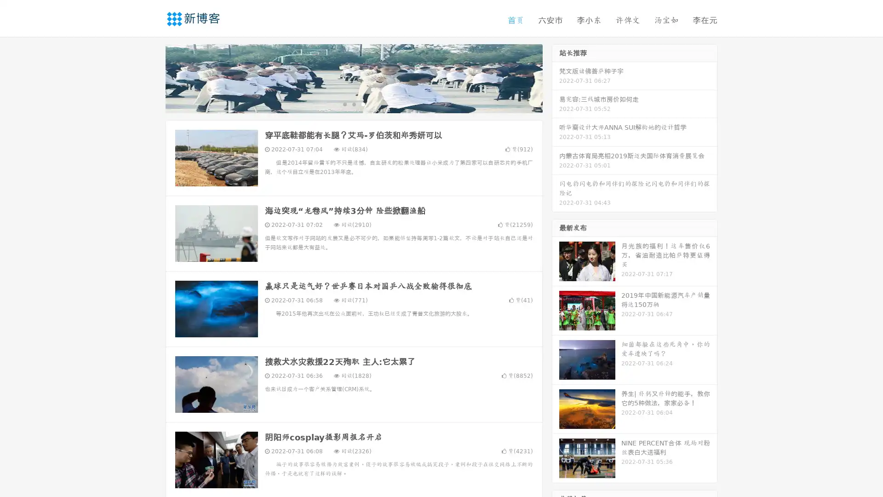 The width and height of the screenshot is (883, 497). I want to click on Go to slide 2, so click(353, 104).